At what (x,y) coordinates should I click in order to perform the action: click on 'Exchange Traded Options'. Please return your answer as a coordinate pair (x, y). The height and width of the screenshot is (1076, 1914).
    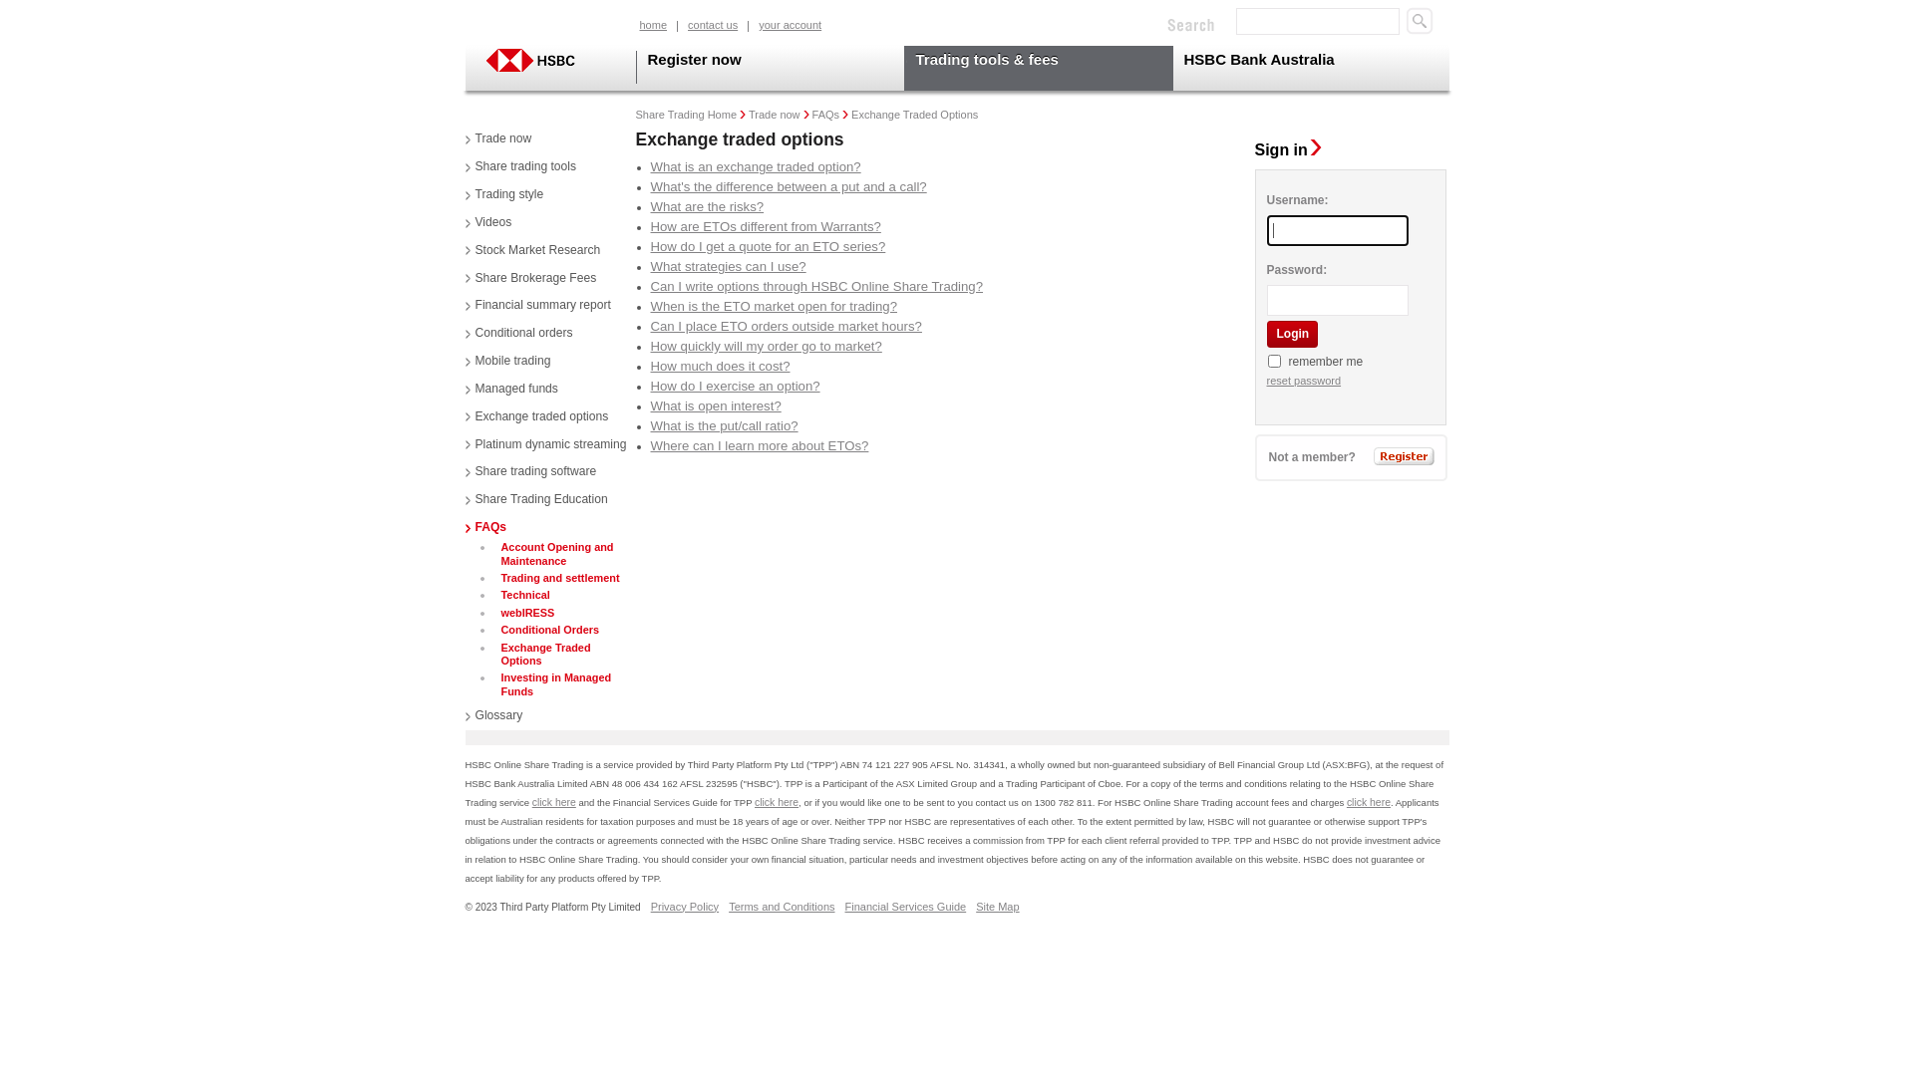
    Looking at the image, I should click on (564, 655).